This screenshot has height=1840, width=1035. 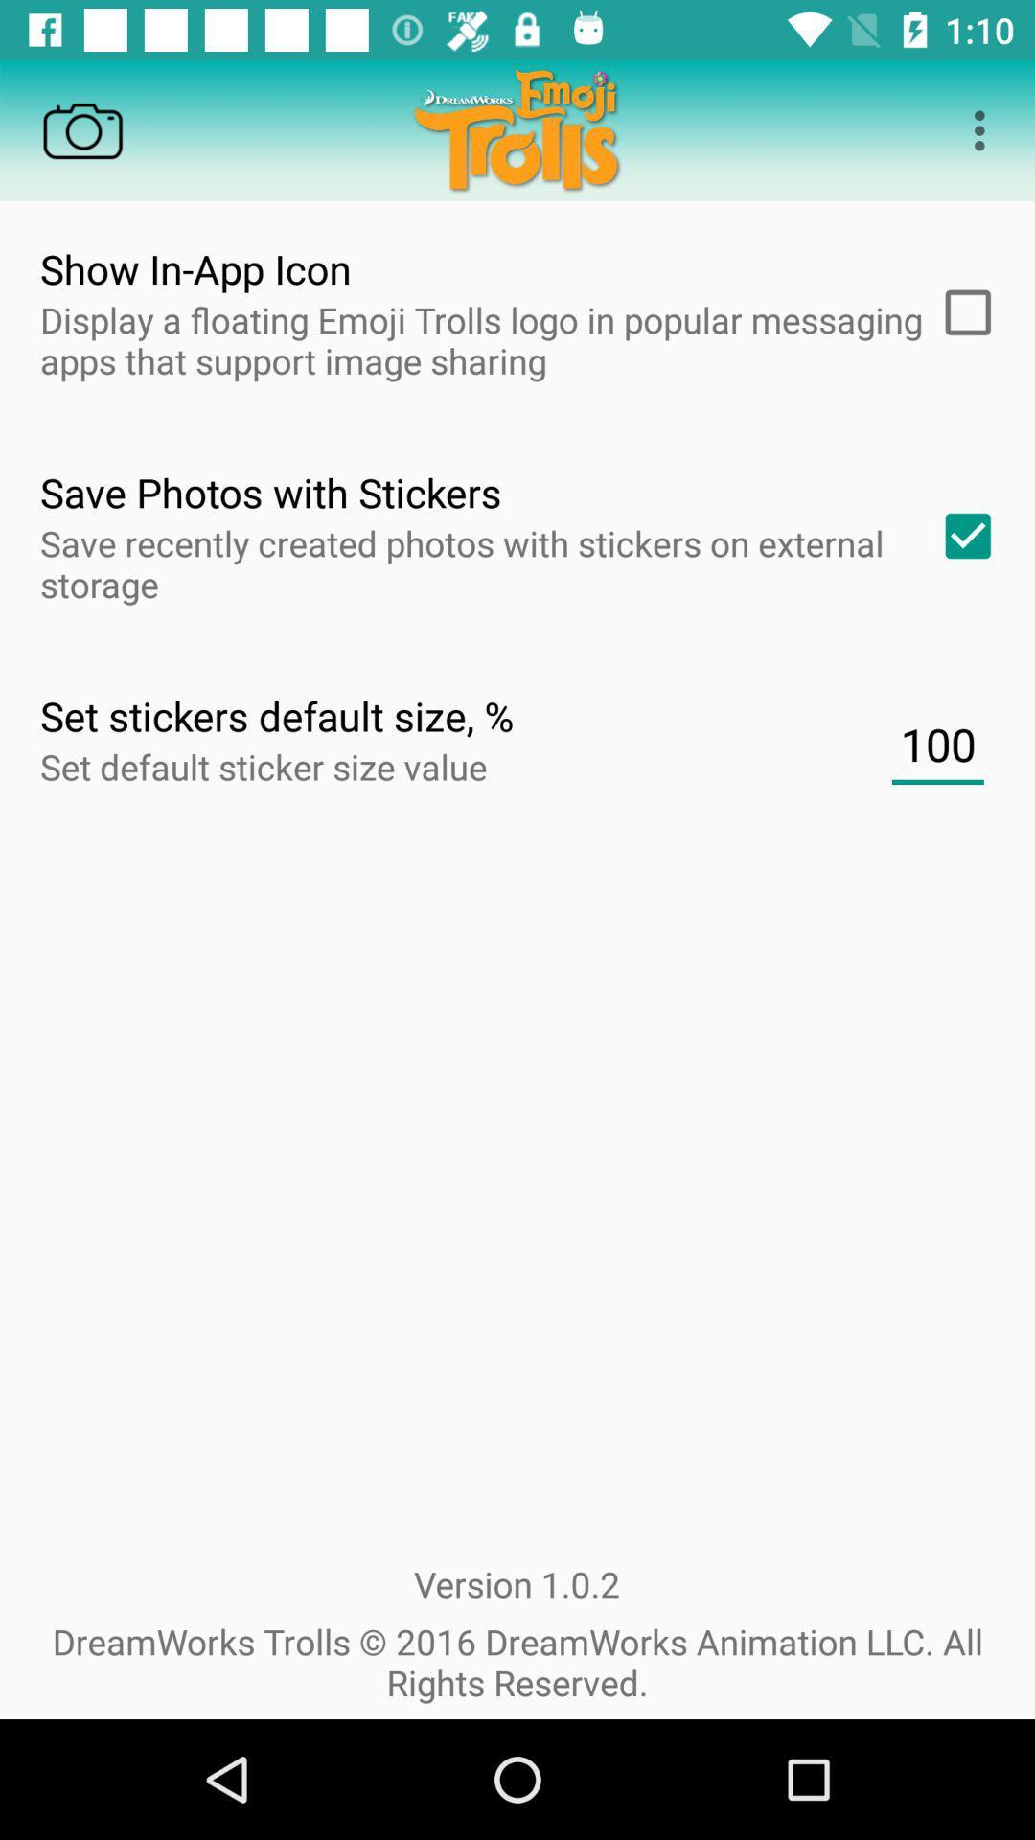 I want to click on icon above the 100 icon, so click(x=961, y=536).